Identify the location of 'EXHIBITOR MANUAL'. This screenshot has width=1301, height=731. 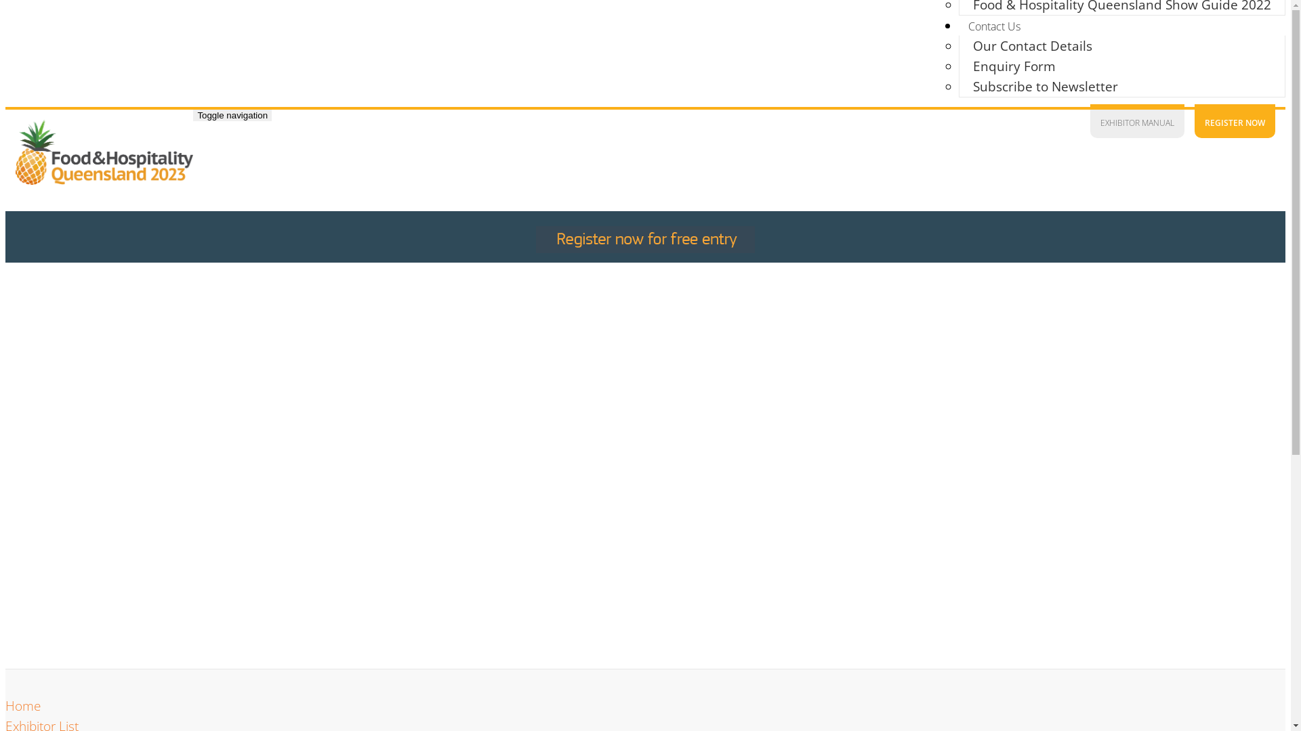
(1137, 120).